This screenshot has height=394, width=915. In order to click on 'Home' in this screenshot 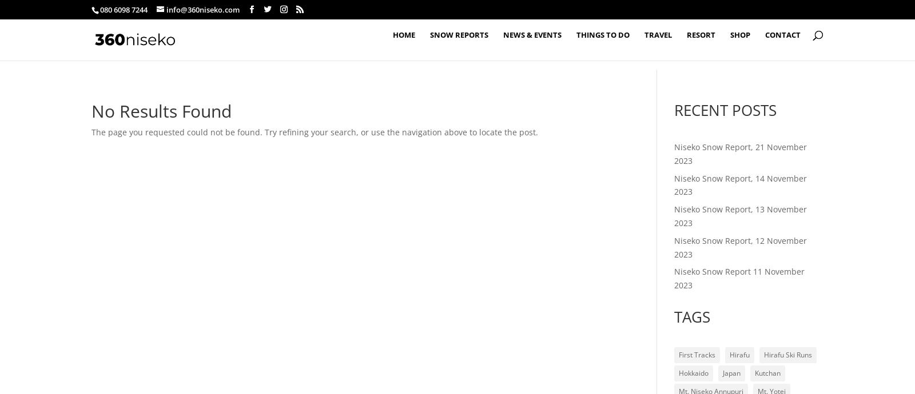, I will do `click(393, 43)`.